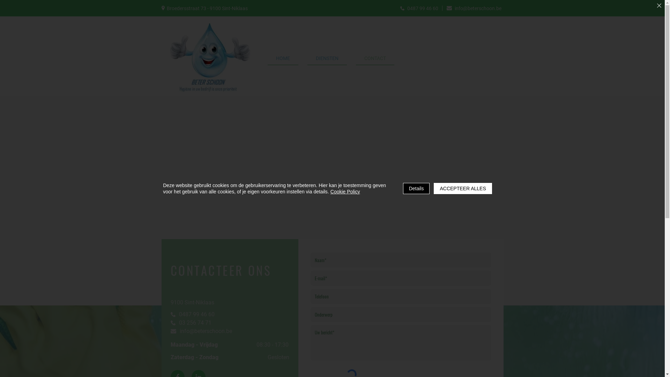  I want to click on 'DIENSTEN', so click(327, 58).